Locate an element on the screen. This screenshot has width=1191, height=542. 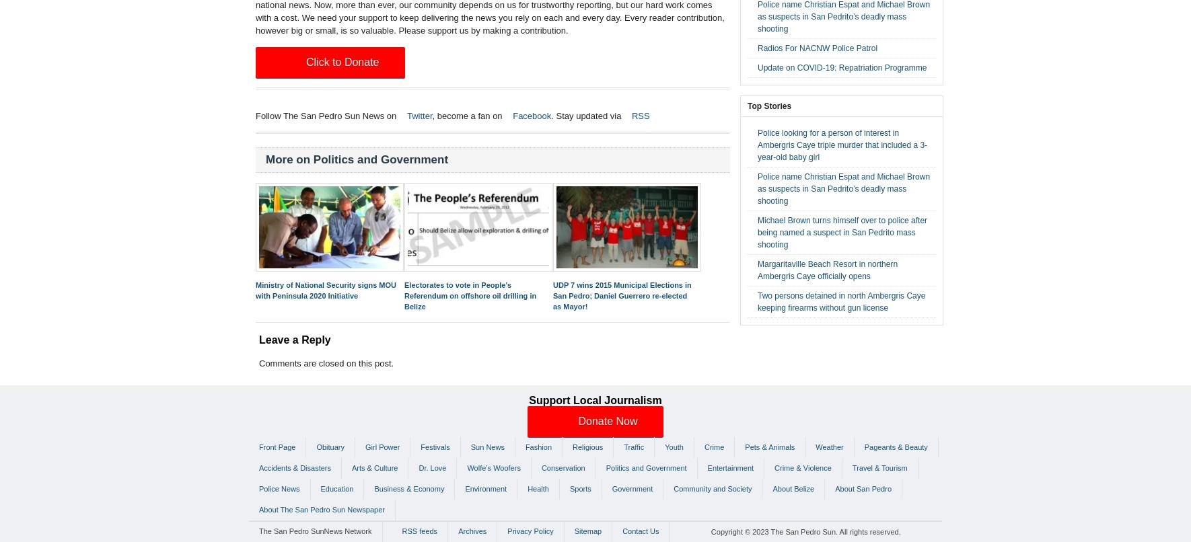
'Support Local Journalism' is located at coordinates (595, 400).